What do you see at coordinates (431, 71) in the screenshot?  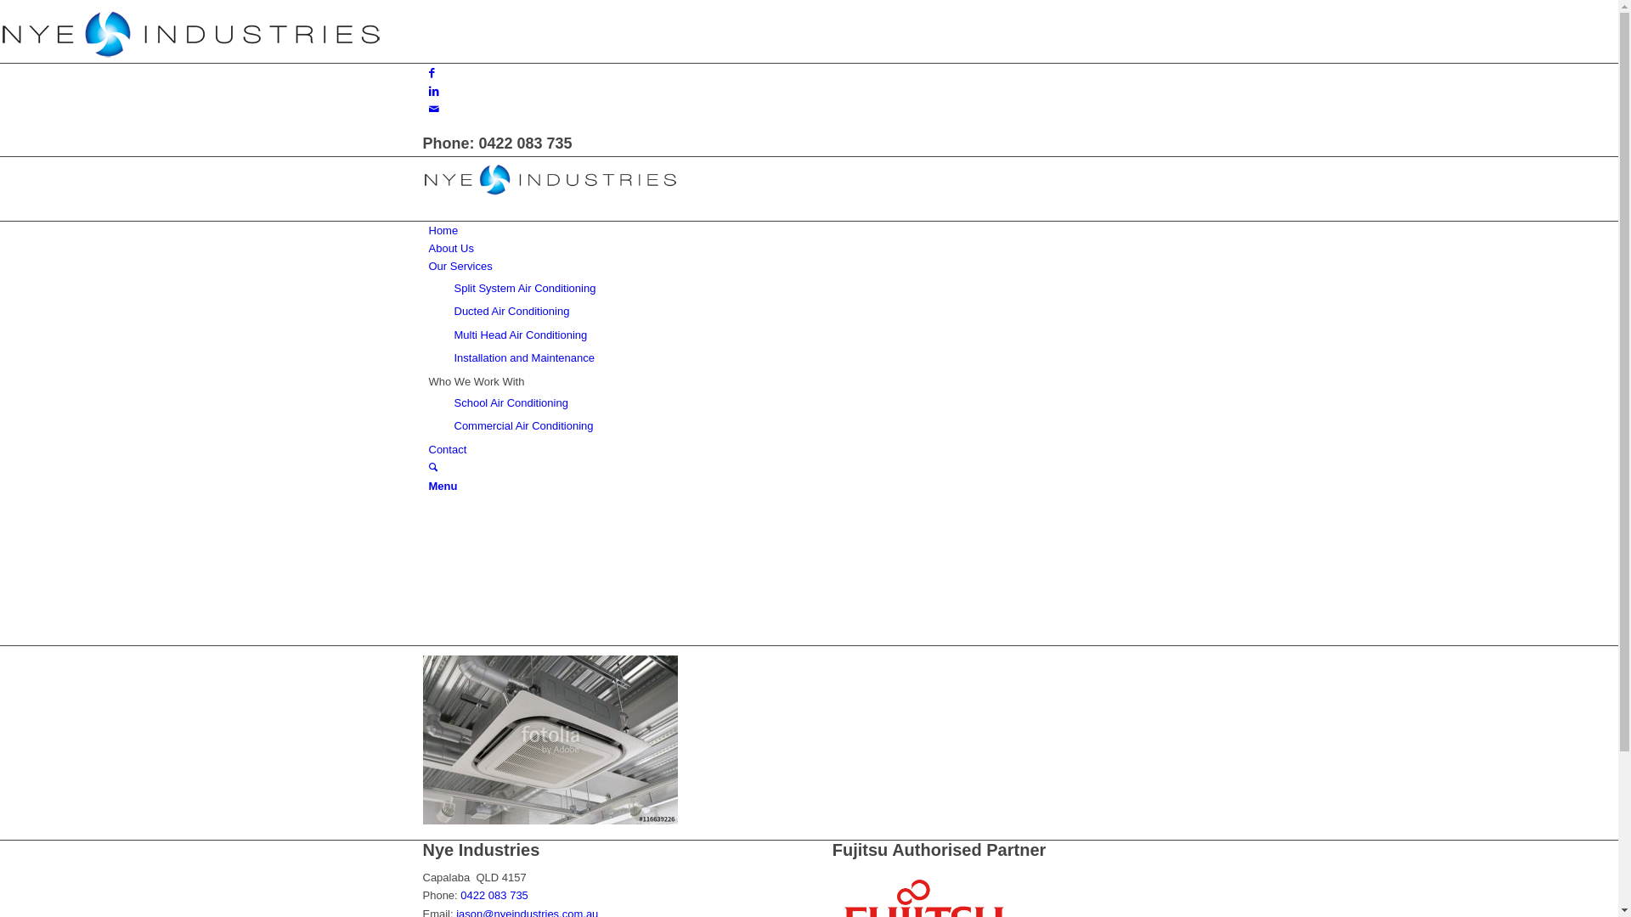 I see `'Facebook'` at bounding box center [431, 71].